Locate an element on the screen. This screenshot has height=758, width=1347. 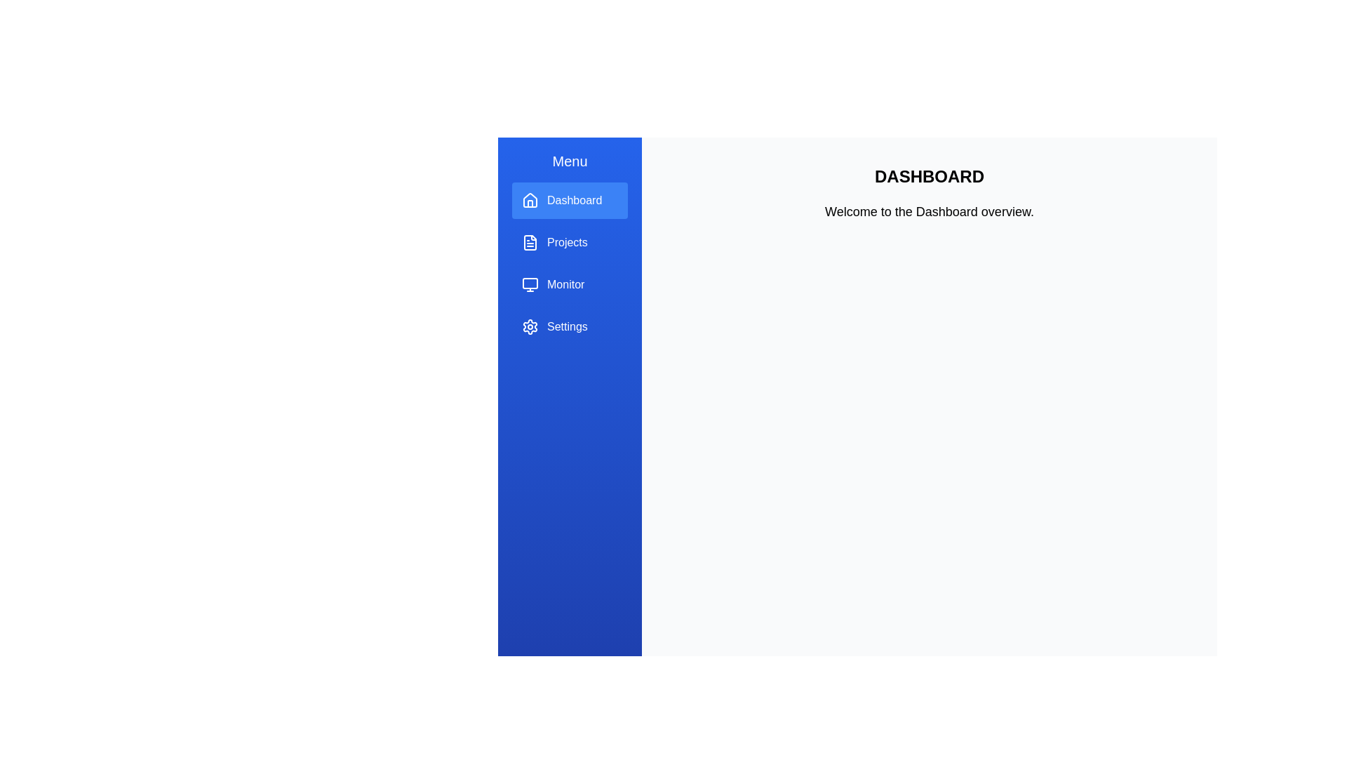
the gear-shaped icon button for settings located is located at coordinates (529, 327).